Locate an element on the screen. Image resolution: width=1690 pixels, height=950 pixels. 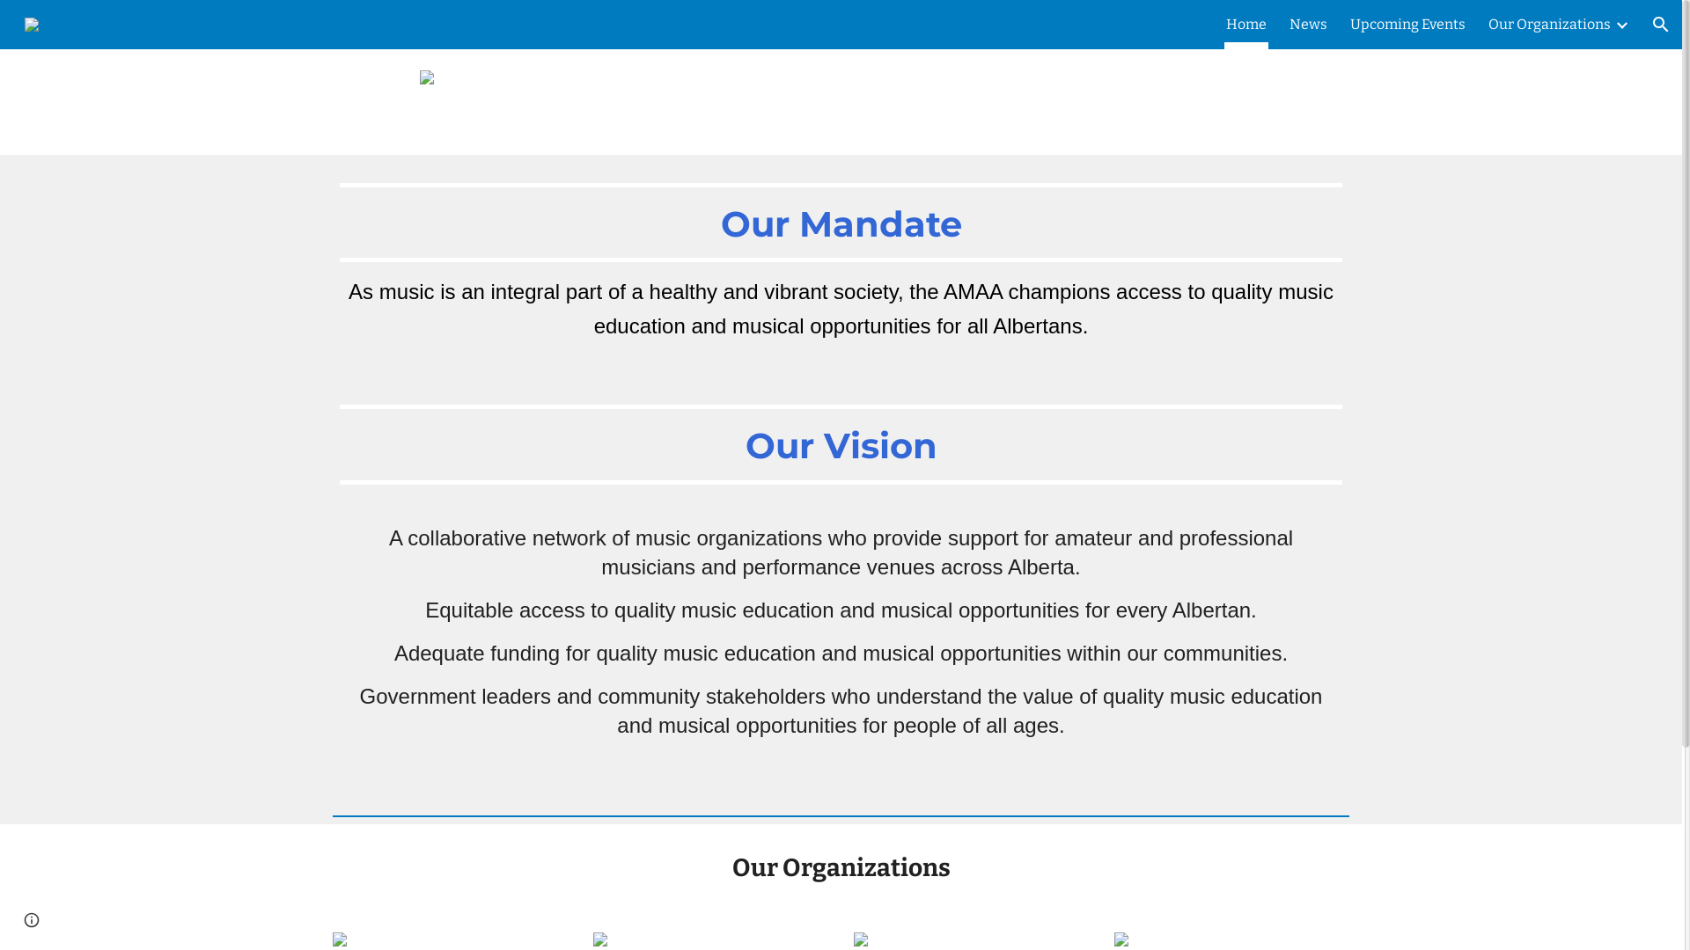
'Our Organizations' is located at coordinates (1487, 24).